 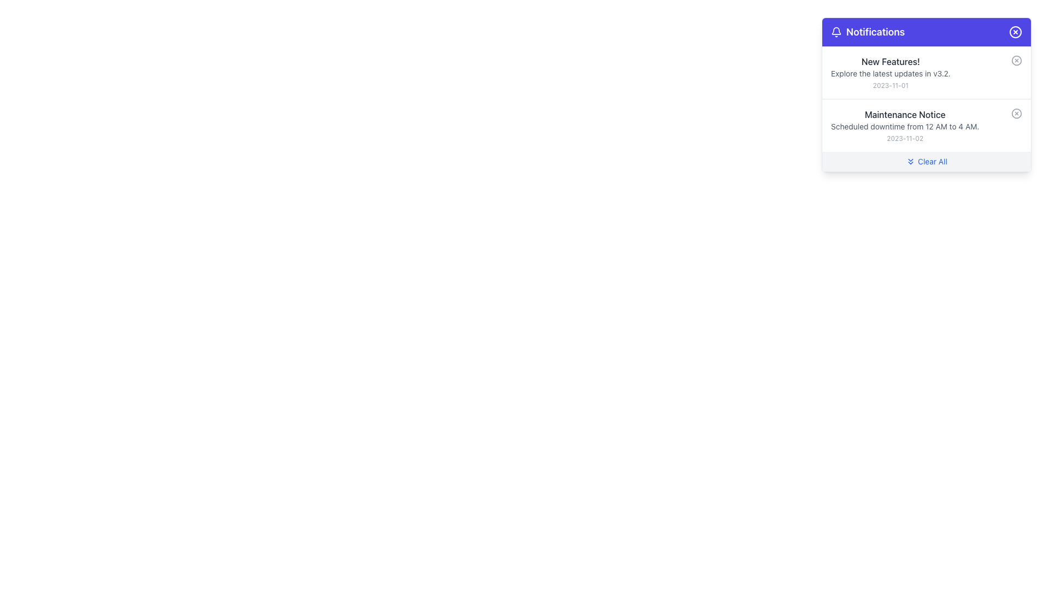 What do you see at coordinates (905, 126) in the screenshot?
I see `the informational text label that provides details about the scheduled downtime for maintenance, located in the second notification card under the 'Notifications' panel, directly below the title 'Maintenance Notice'` at bounding box center [905, 126].